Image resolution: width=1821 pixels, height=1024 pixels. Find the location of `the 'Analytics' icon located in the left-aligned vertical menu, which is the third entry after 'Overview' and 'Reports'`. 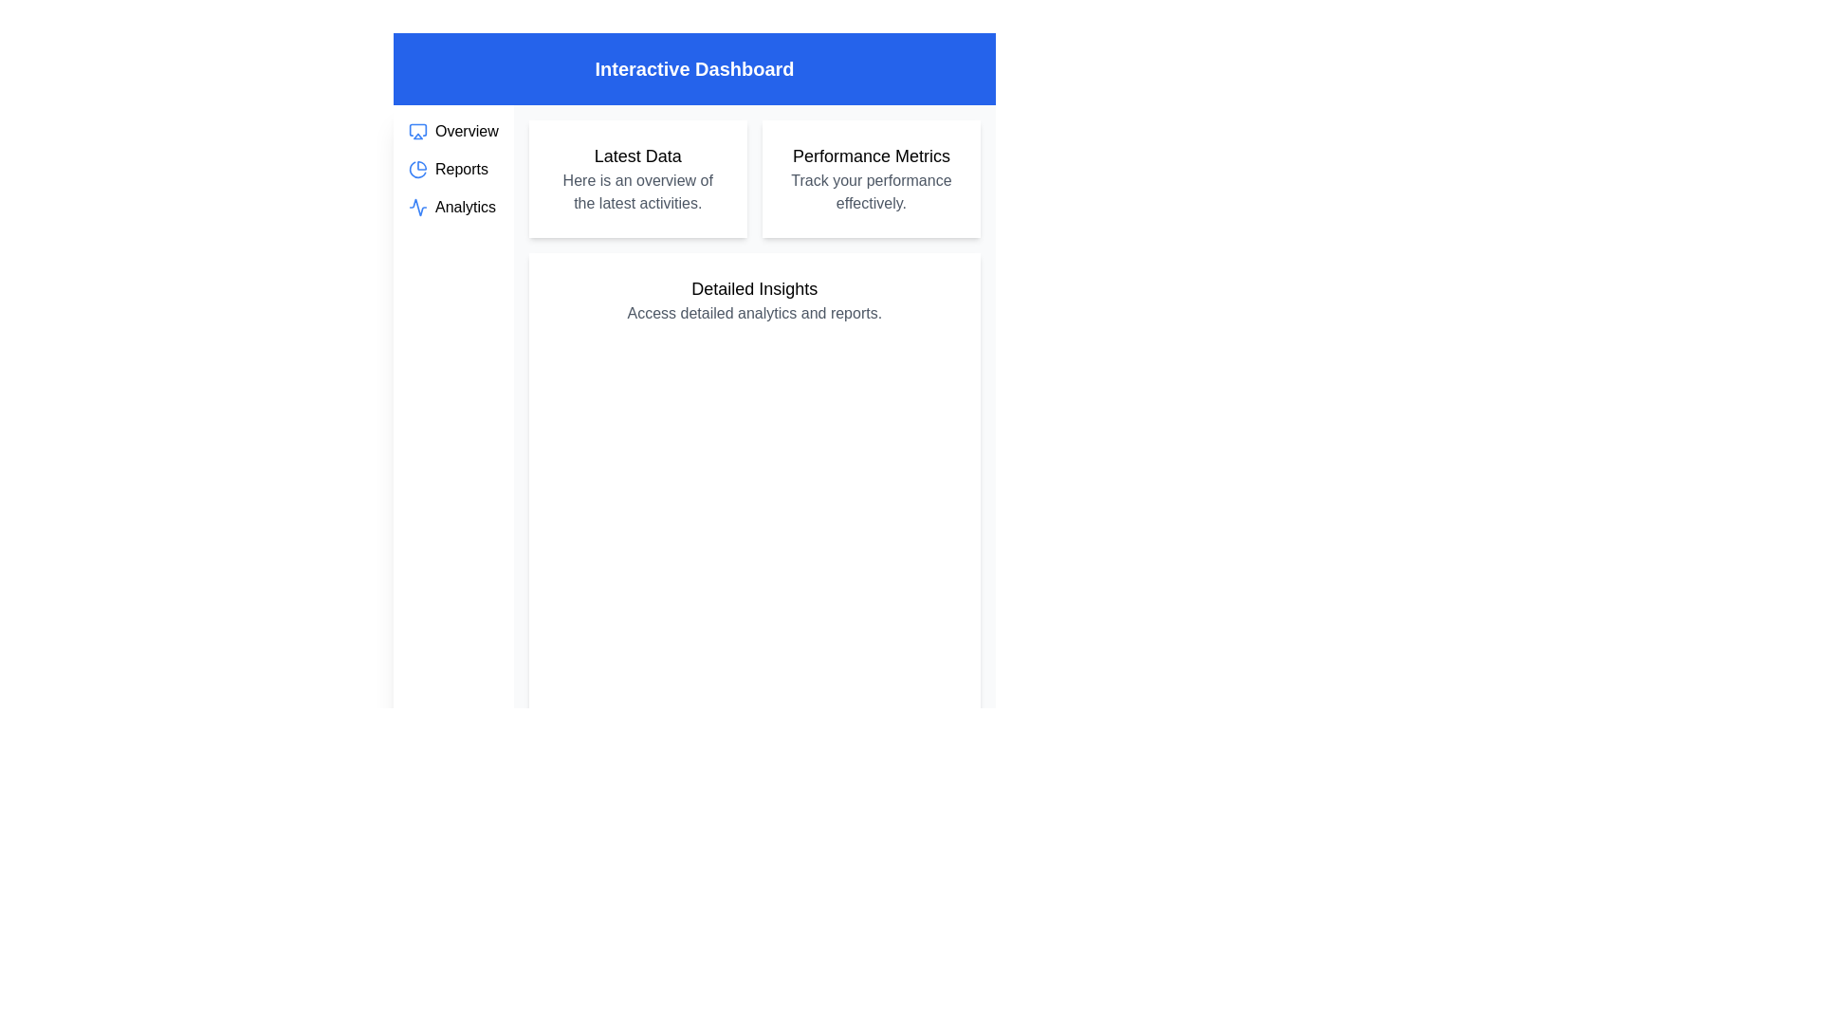

the 'Analytics' icon located in the left-aligned vertical menu, which is the third entry after 'Overview' and 'Reports' is located at coordinates (417, 208).